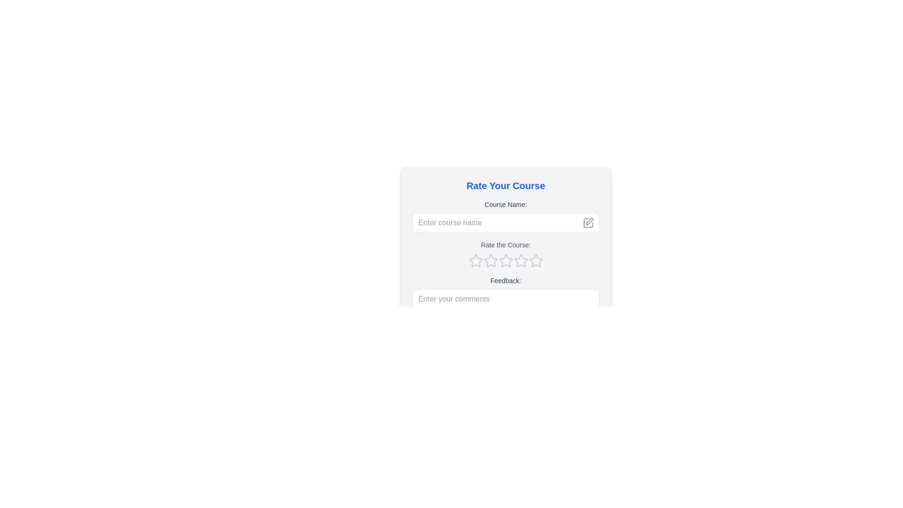  I want to click on over the star icons in the Rating component located in the 'Rate Your Course' section, so click(505, 261).